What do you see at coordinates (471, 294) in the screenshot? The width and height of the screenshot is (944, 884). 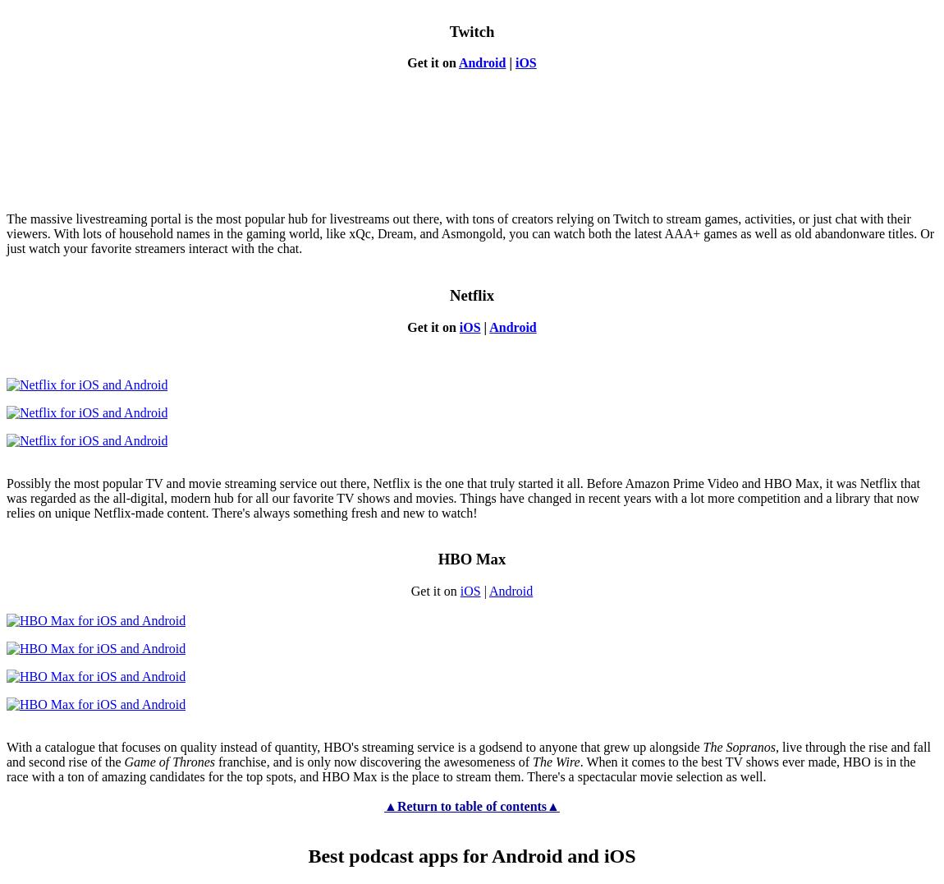 I see `'Netflix'` at bounding box center [471, 294].